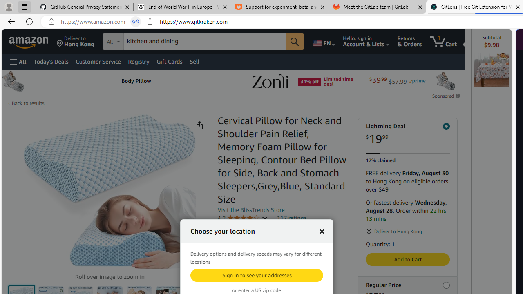 The image size is (523, 294). Describe the element at coordinates (136, 21) in the screenshot. I see `'Tabs in split screen'` at that location.